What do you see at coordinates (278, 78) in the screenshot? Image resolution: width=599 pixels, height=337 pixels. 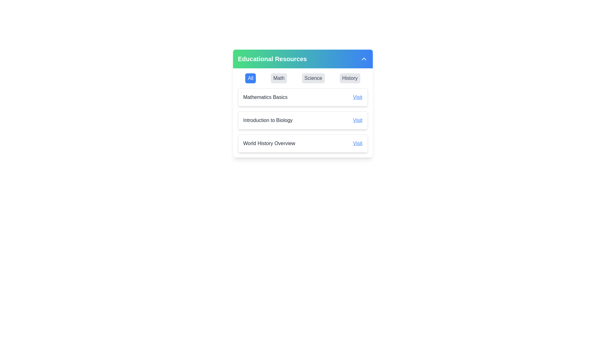 I see `the 'Math' category button, which is the second tab under 'Educational Resources', displaying gray text on a rounded-rectangle shape` at bounding box center [278, 78].